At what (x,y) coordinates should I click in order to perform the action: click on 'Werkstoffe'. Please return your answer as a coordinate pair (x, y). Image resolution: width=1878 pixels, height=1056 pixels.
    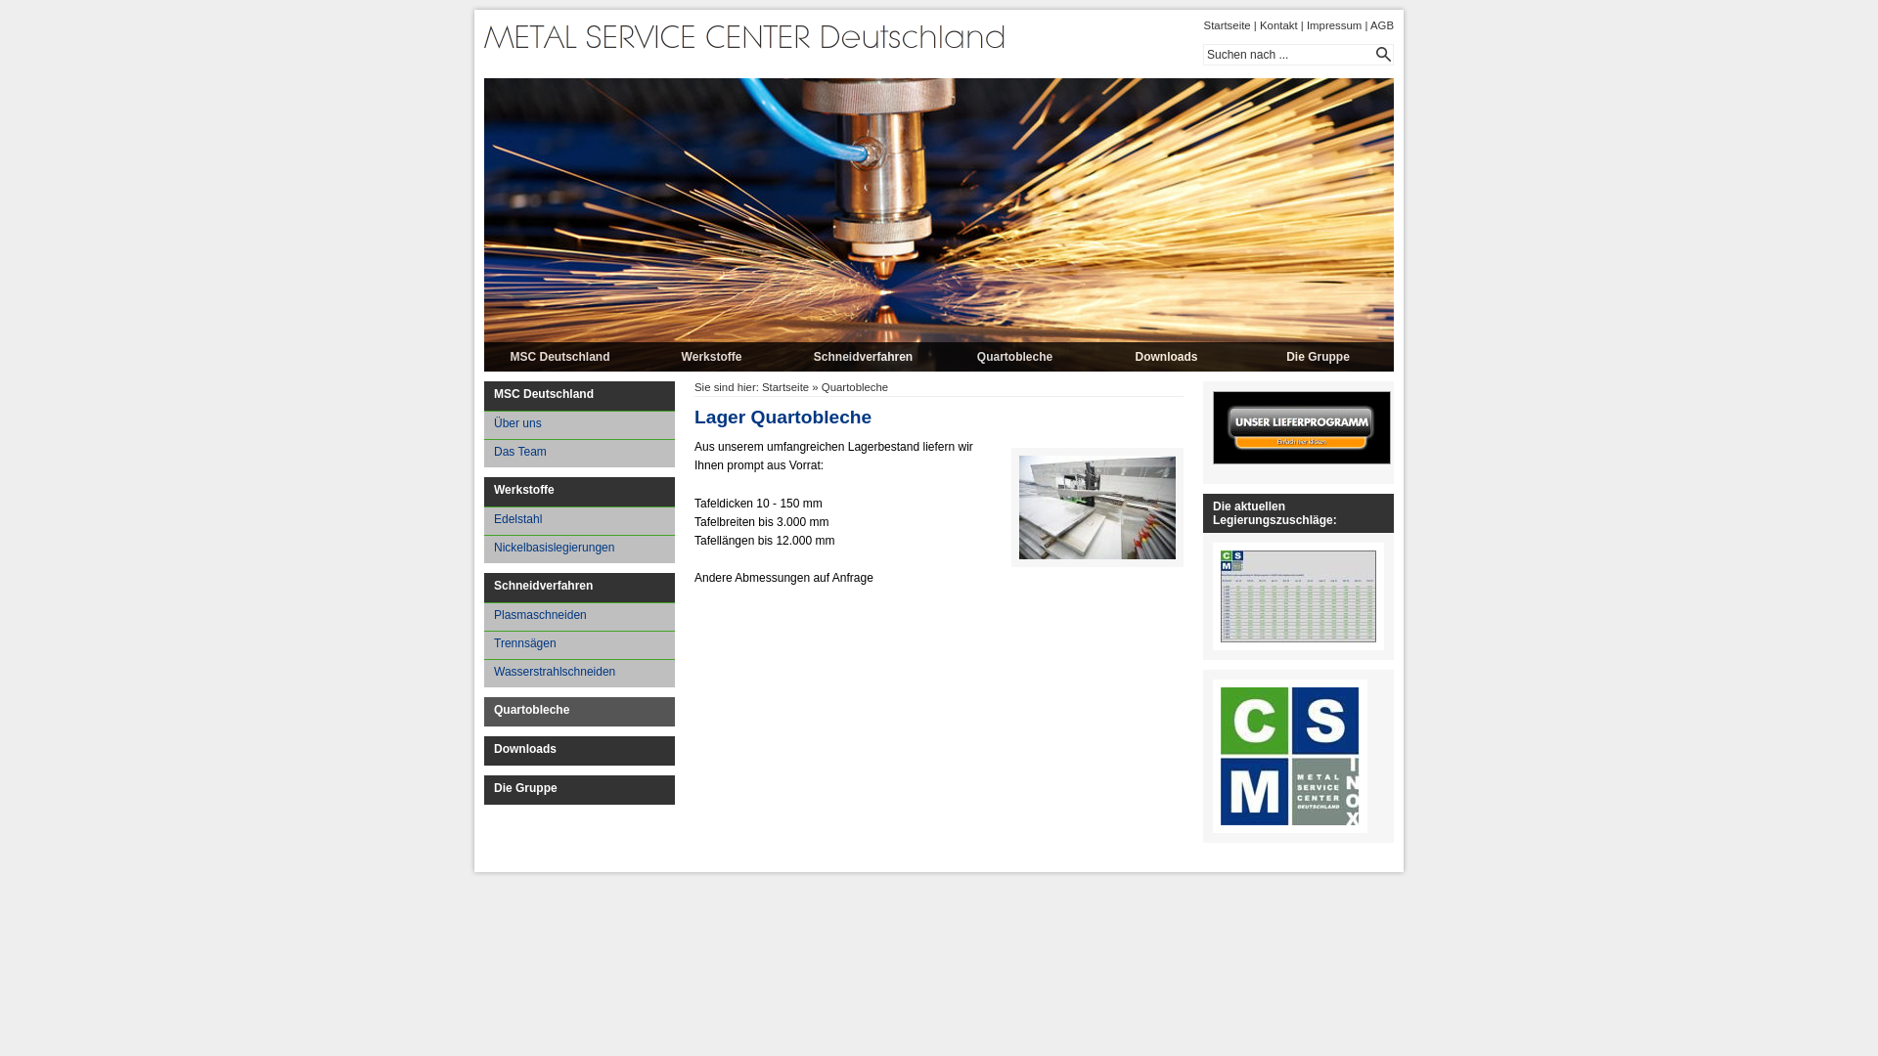
    Looking at the image, I should click on (635, 357).